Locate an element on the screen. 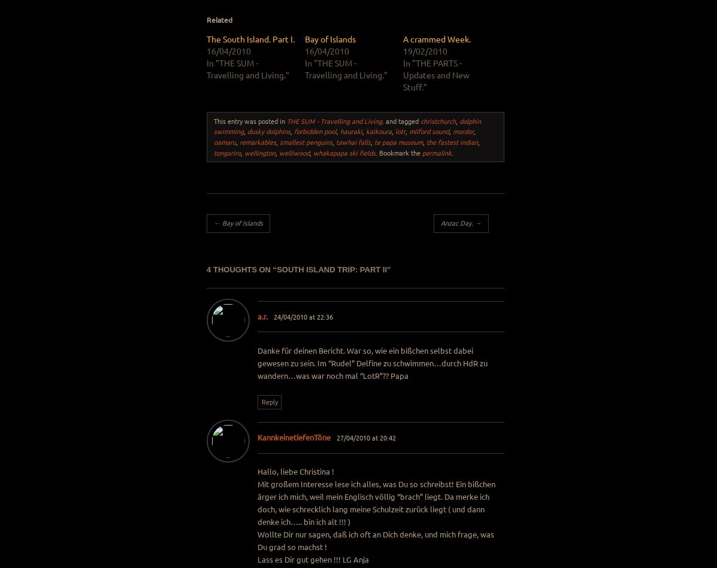 The image size is (717, 568). '.' is located at coordinates (452, 151).